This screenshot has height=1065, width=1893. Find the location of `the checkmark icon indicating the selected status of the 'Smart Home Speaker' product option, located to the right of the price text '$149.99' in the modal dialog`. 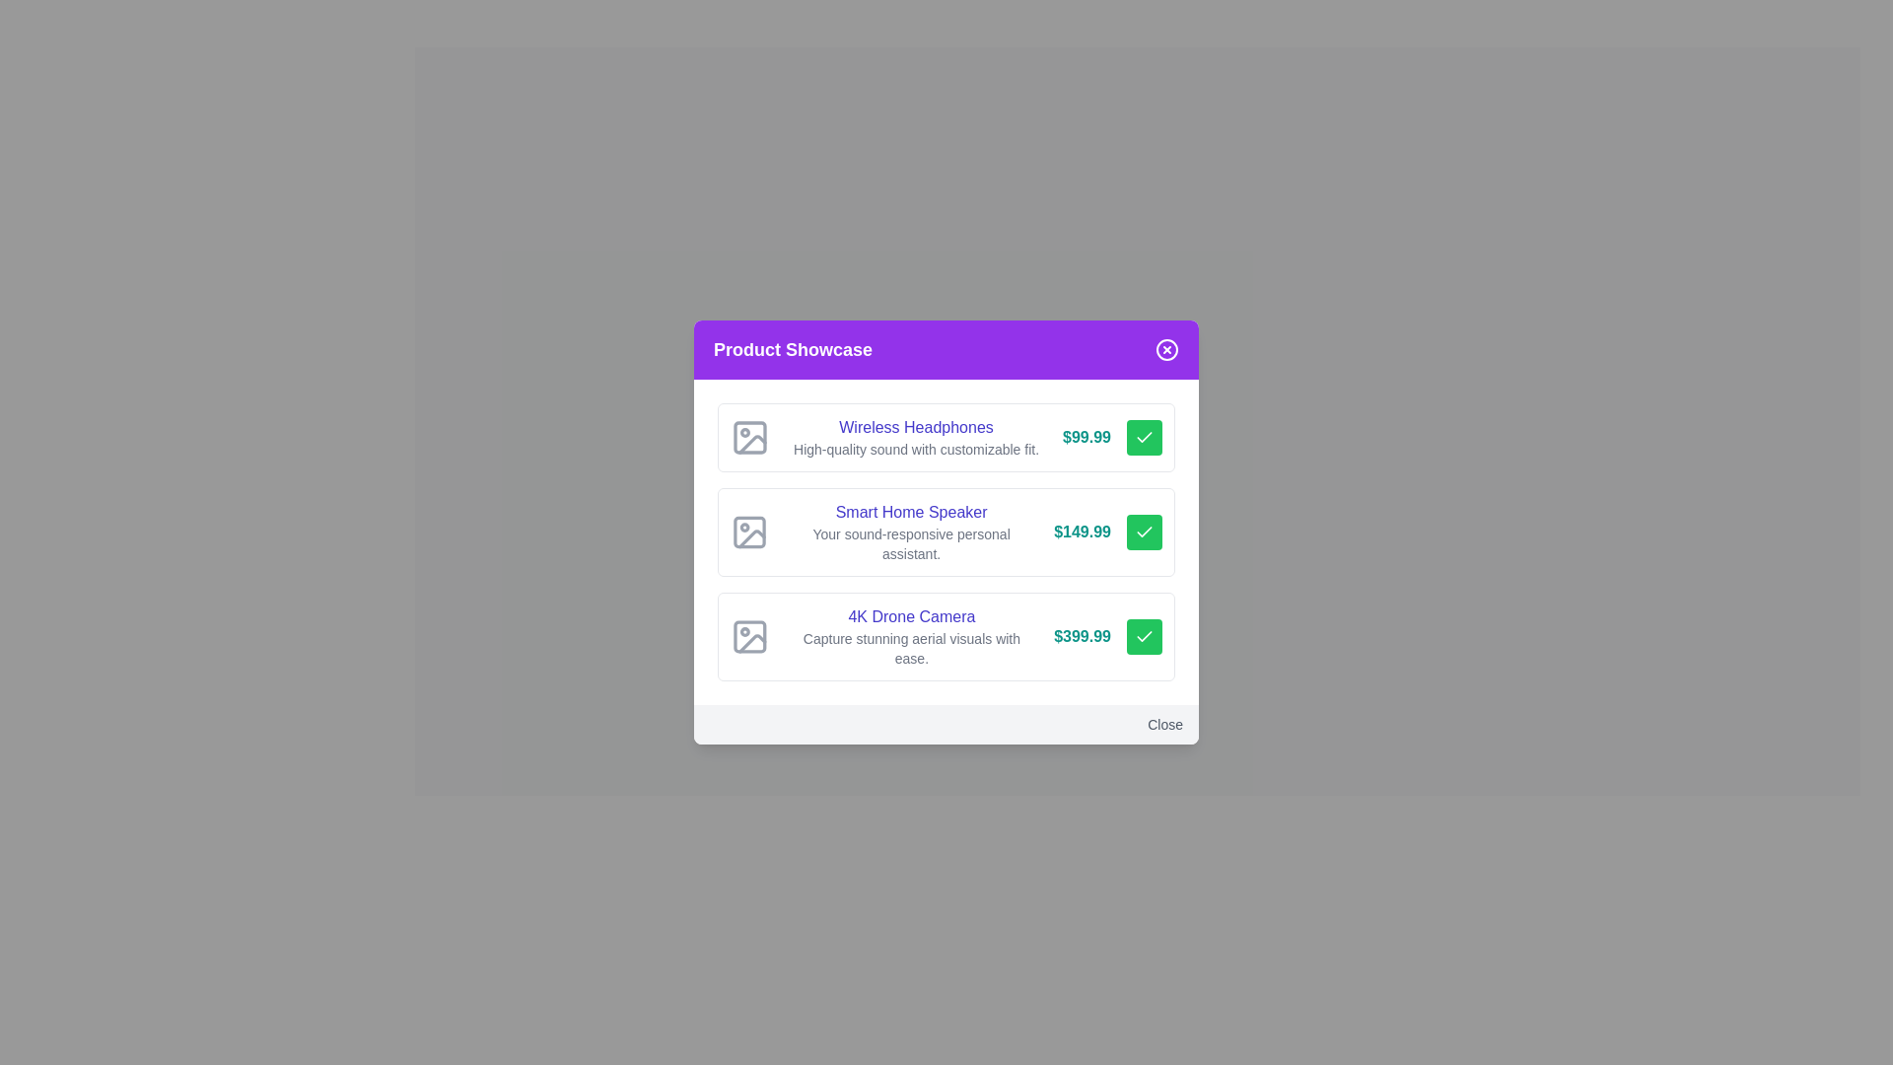

the checkmark icon indicating the selected status of the 'Smart Home Speaker' product option, located to the right of the price text '$149.99' in the modal dialog is located at coordinates (1145, 531).